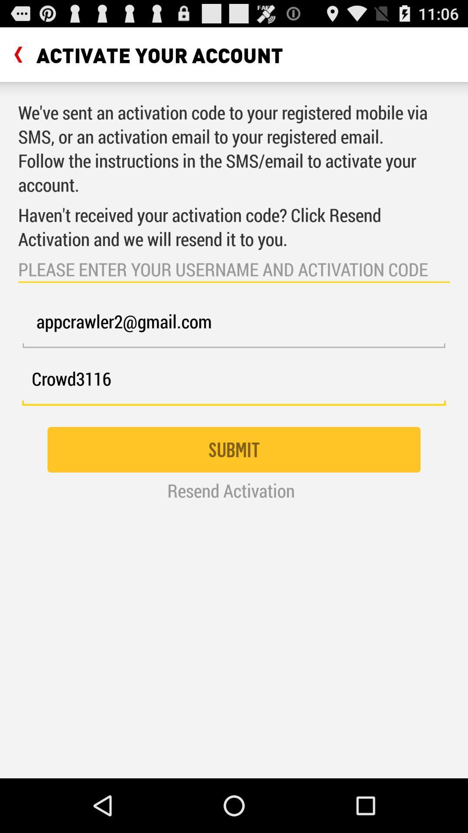 This screenshot has height=833, width=468. I want to click on item below please enter your item, so click(234, 326).